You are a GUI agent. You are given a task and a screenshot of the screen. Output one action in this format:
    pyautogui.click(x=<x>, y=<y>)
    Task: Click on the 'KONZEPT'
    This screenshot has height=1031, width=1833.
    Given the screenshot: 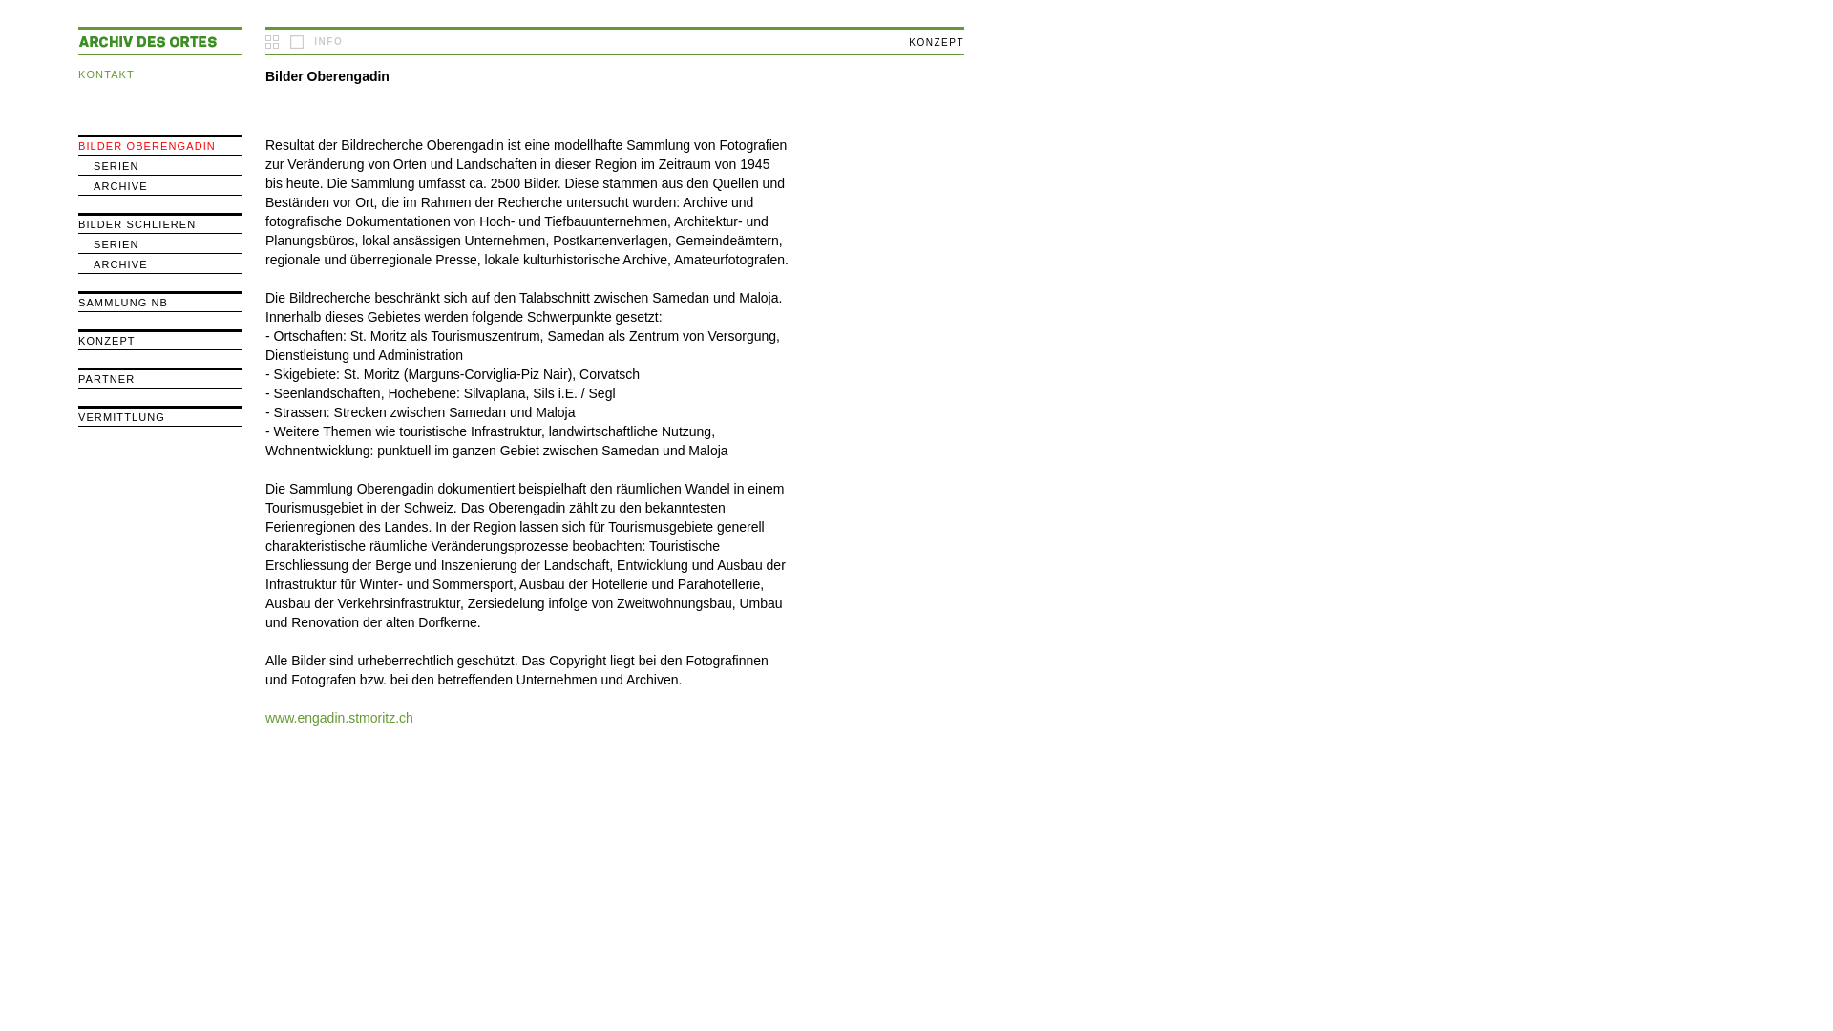 What is the action you would take?
    pyautogui.click(x=105, y=340)
    